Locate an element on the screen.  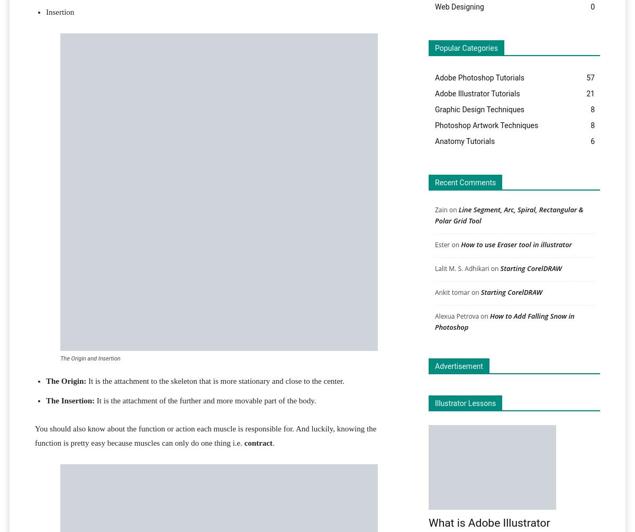
'Ankit tomar' is located at coordinates (451, 291).